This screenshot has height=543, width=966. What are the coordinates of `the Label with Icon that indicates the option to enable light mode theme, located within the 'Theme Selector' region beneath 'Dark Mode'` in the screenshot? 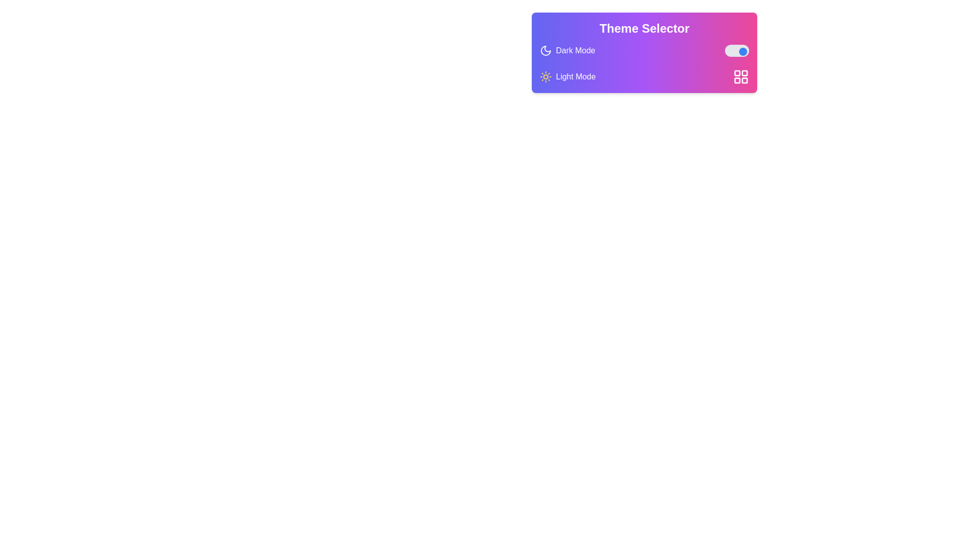 It's located at (568, 76).